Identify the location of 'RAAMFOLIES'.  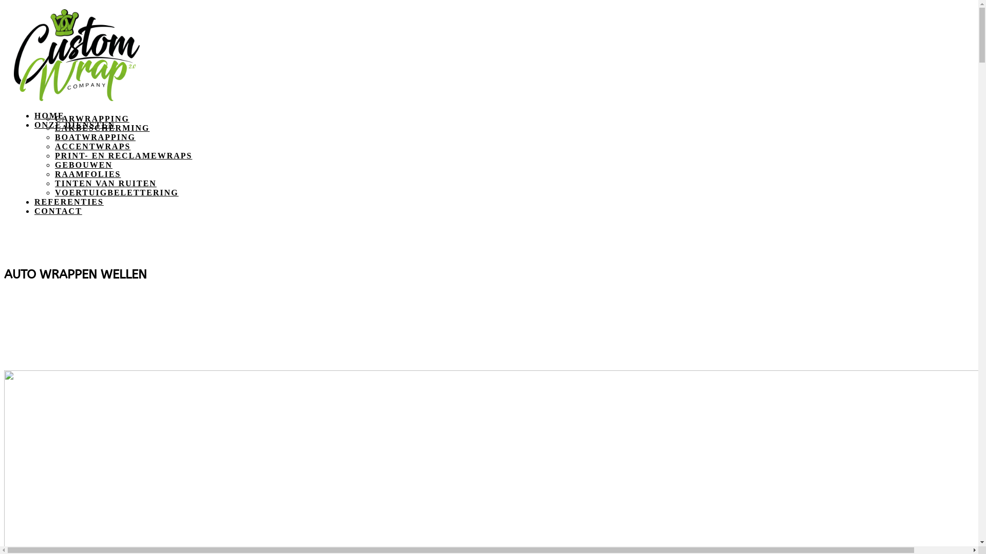
(88, 173).